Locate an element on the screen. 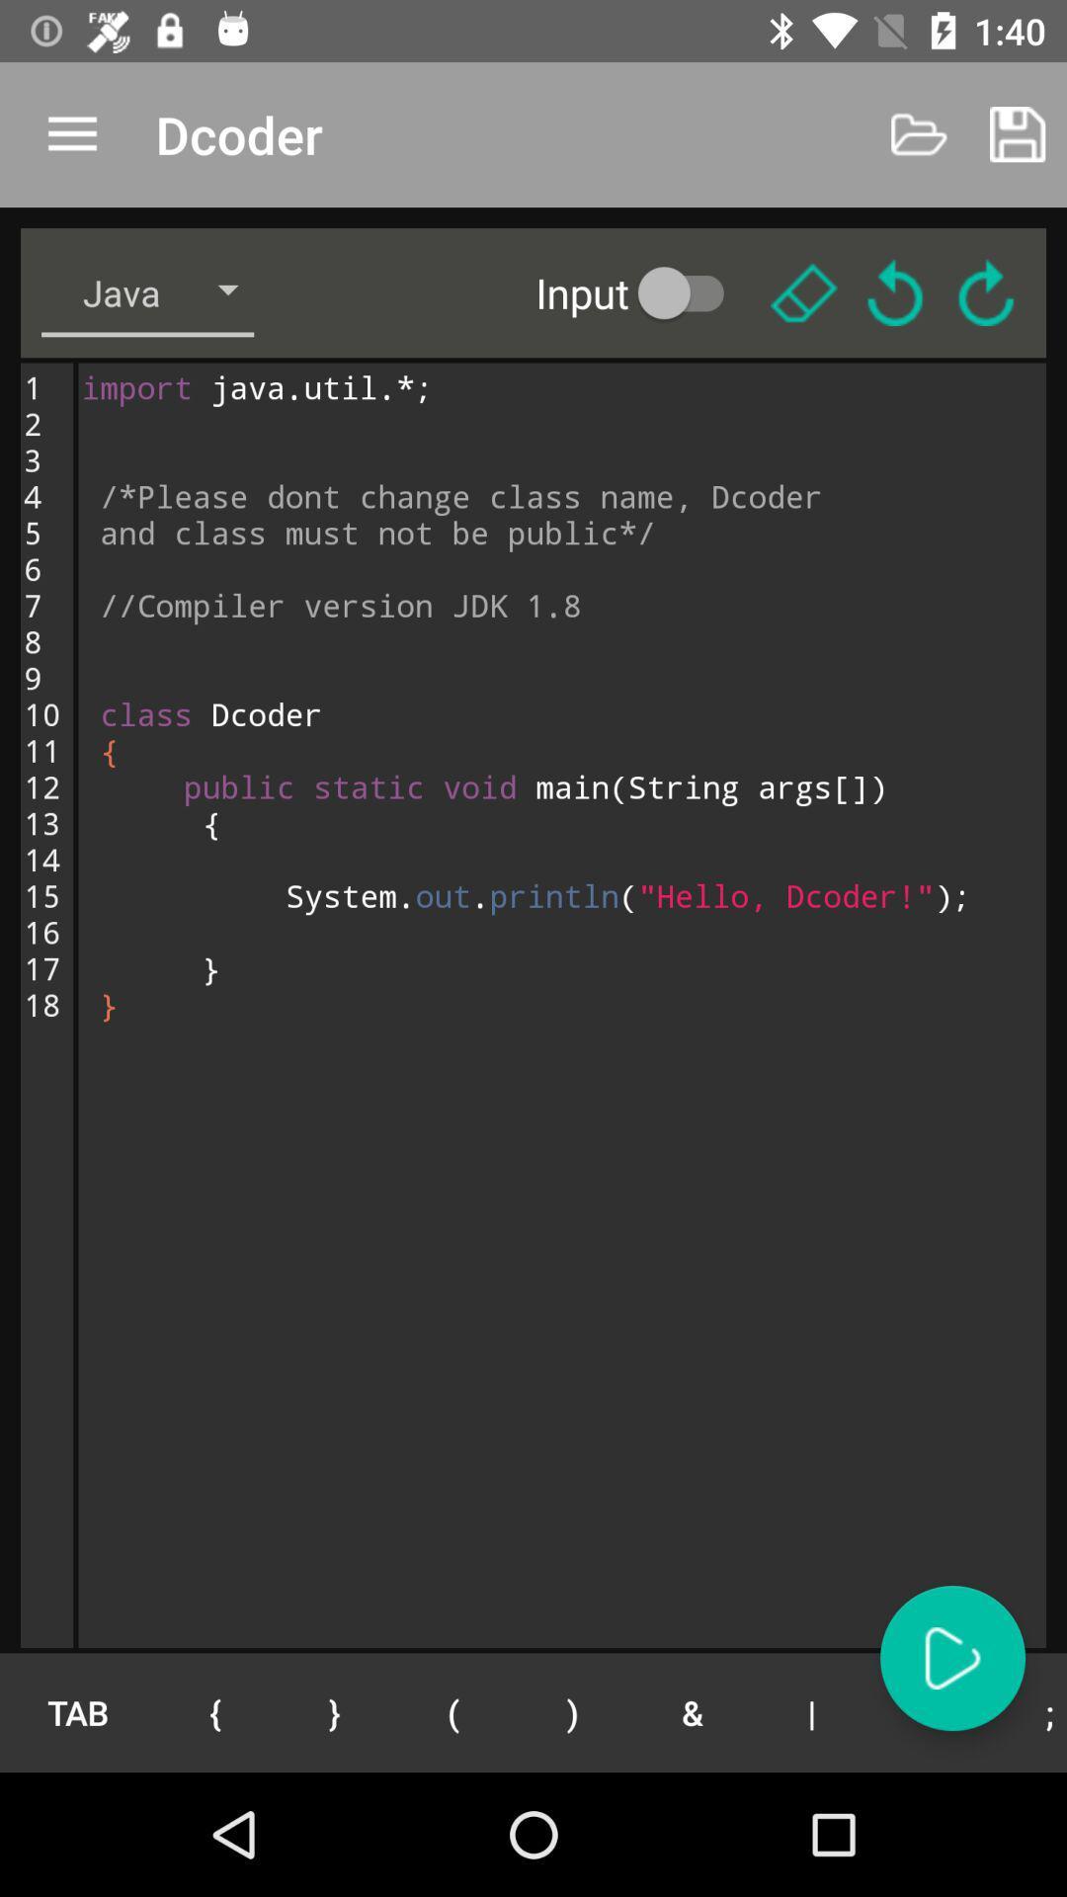 This screenshot has width=1067, height=1897. to refresh the page option is located at coordinates (986, 291).